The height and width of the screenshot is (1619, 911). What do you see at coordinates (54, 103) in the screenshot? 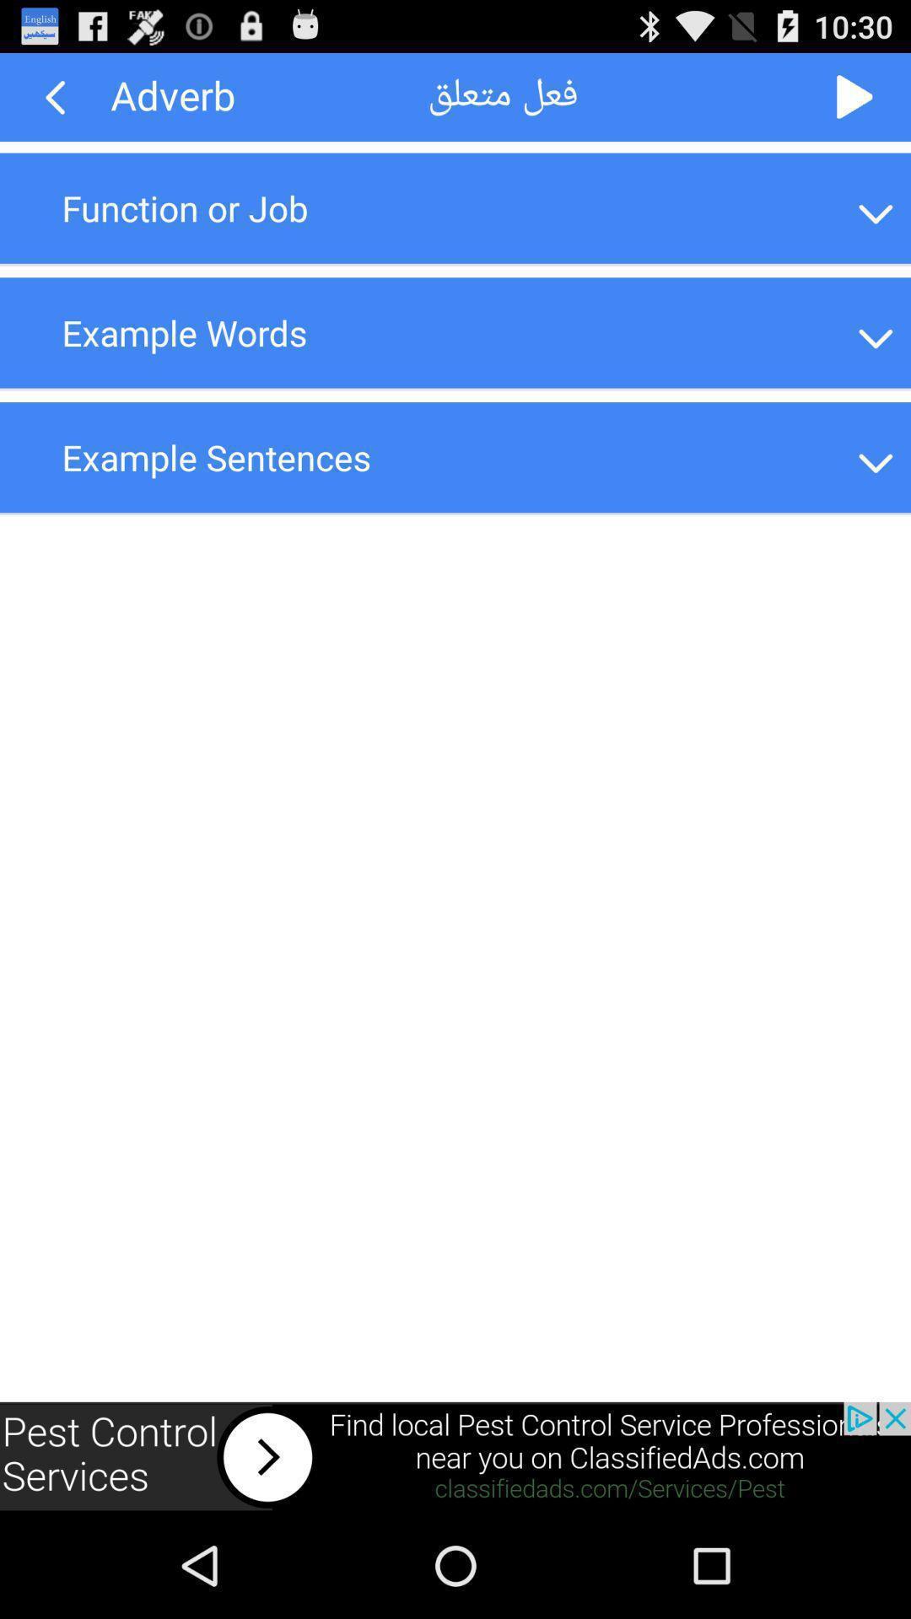
I see `the arrow_backward icon` at bounding box center [54, 103].